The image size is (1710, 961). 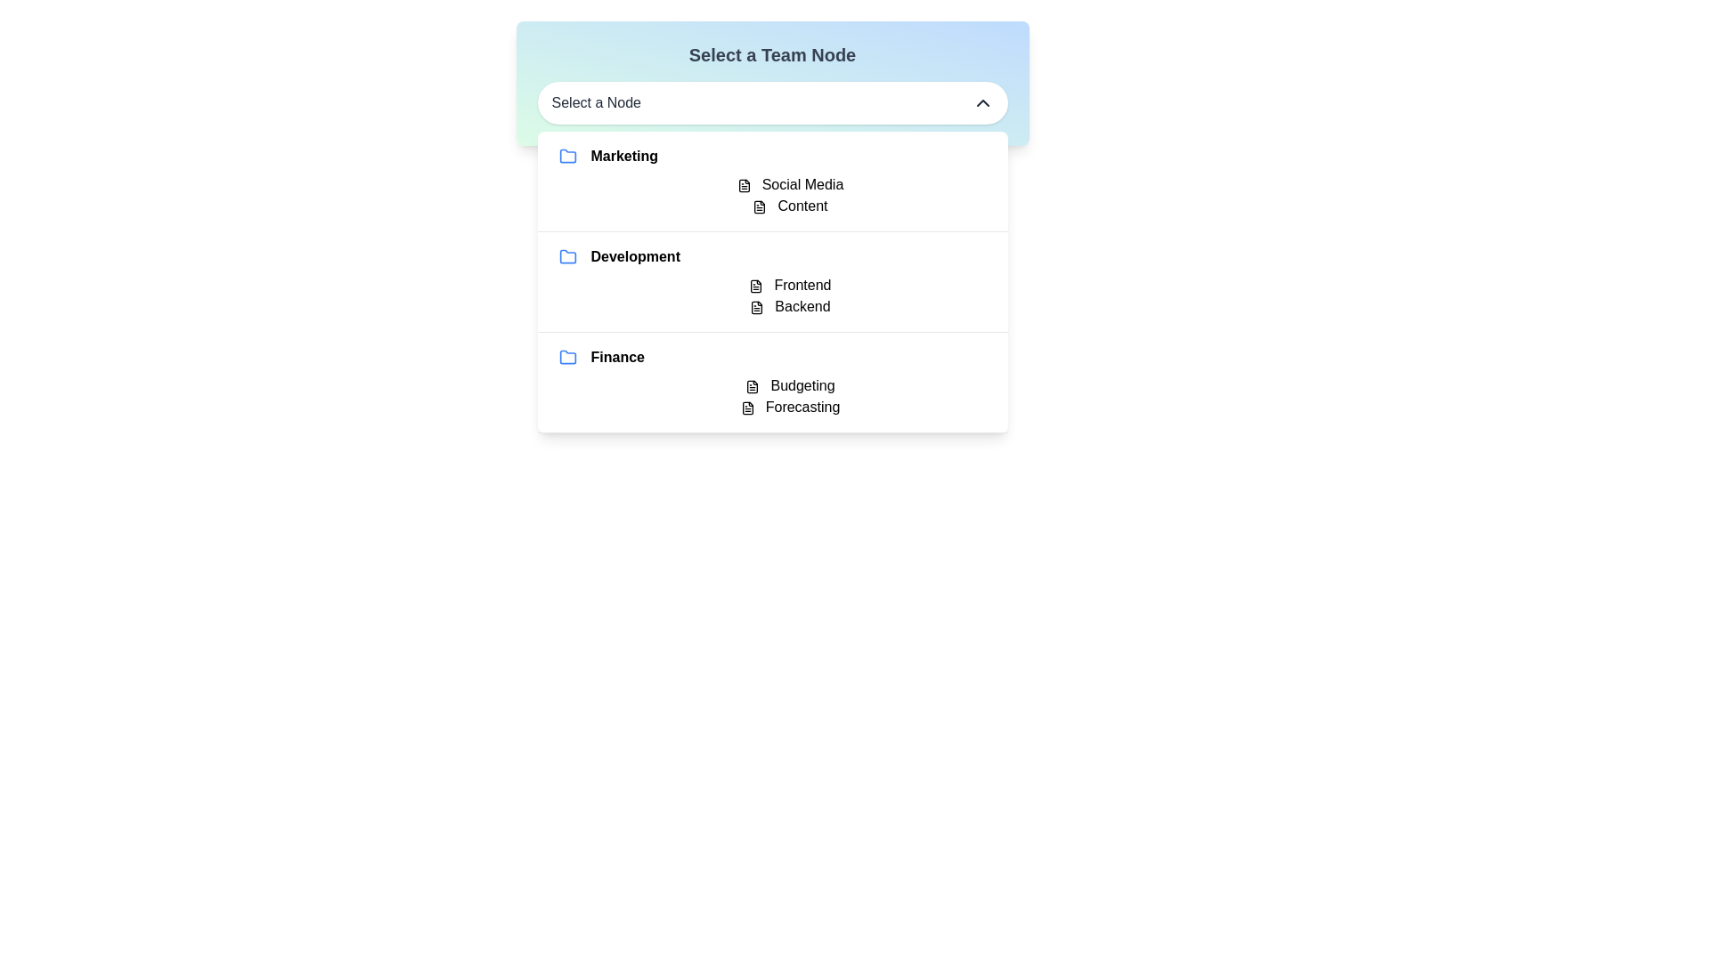 What do you see at coordinates (744, 185) in the screenshot?
I see `the largest icon representing a file or document associated with the 'Social Media' text entry in the marketing category, located to the left of the 'Social Media' text item in the dropdown menu` at bounding box center [744, 185].